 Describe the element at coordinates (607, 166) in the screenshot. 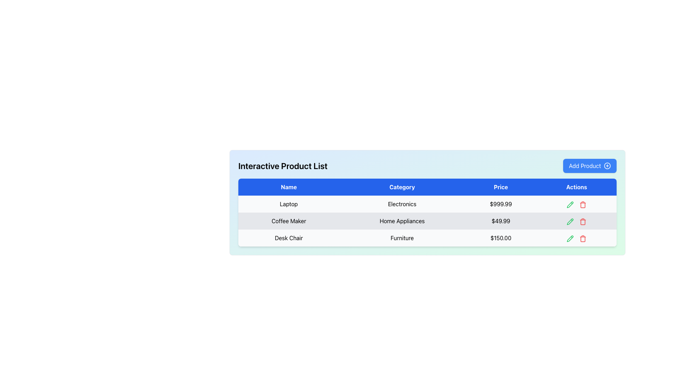

I see `the appearance of the circular icon located to the right side of the 'Add Product' button, which enhances the button's primary action` at that location.